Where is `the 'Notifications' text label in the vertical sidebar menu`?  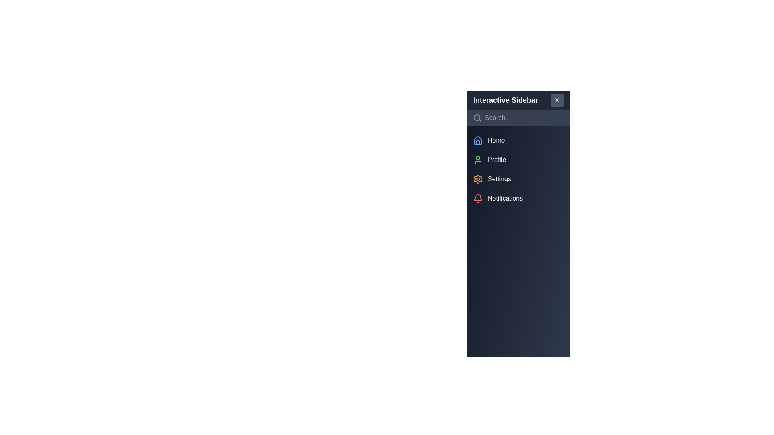
the 'Notifications' text label in the vertical sidebar menu is located at coordinates (505, 199).